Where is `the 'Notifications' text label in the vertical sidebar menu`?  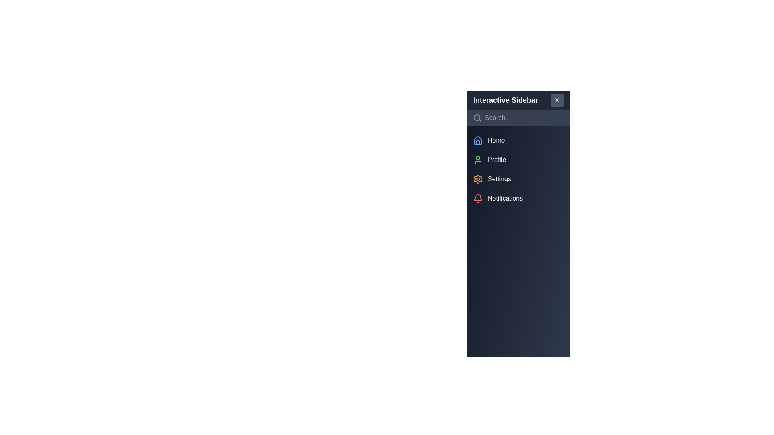
the 'Notifications' text label in the vertical sidebar menu is located at coordinates (505, 199).